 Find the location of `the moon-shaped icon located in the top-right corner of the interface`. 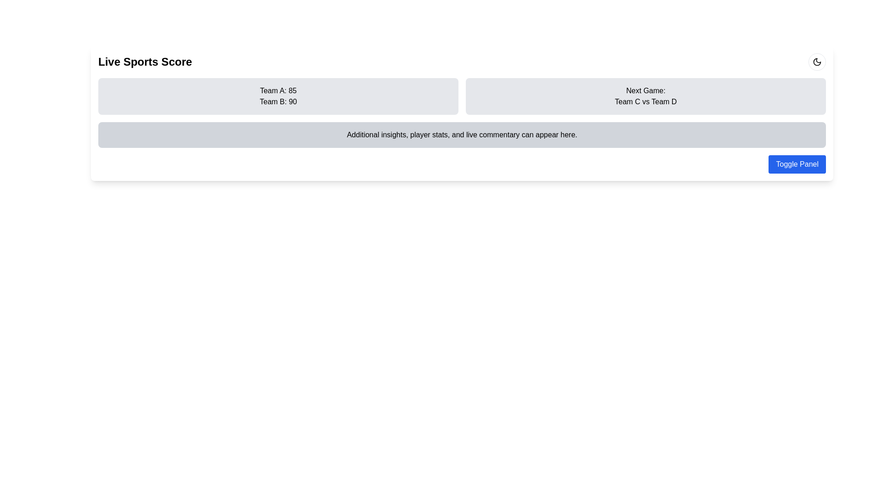

the moon-shaped icon located in the top-right corner of the interface is located at coordinates (817, 62).